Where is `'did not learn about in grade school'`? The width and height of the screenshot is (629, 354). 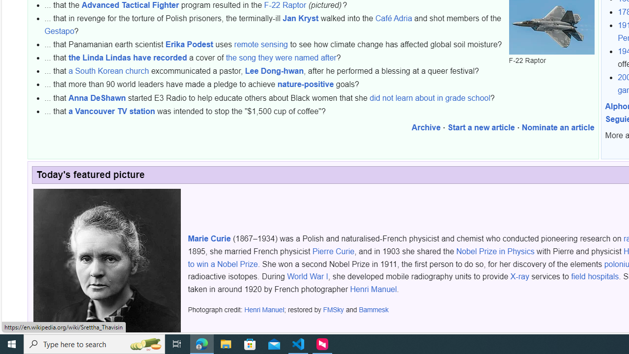 'did not learn about in grade school' is located at coordinates (430, 98).